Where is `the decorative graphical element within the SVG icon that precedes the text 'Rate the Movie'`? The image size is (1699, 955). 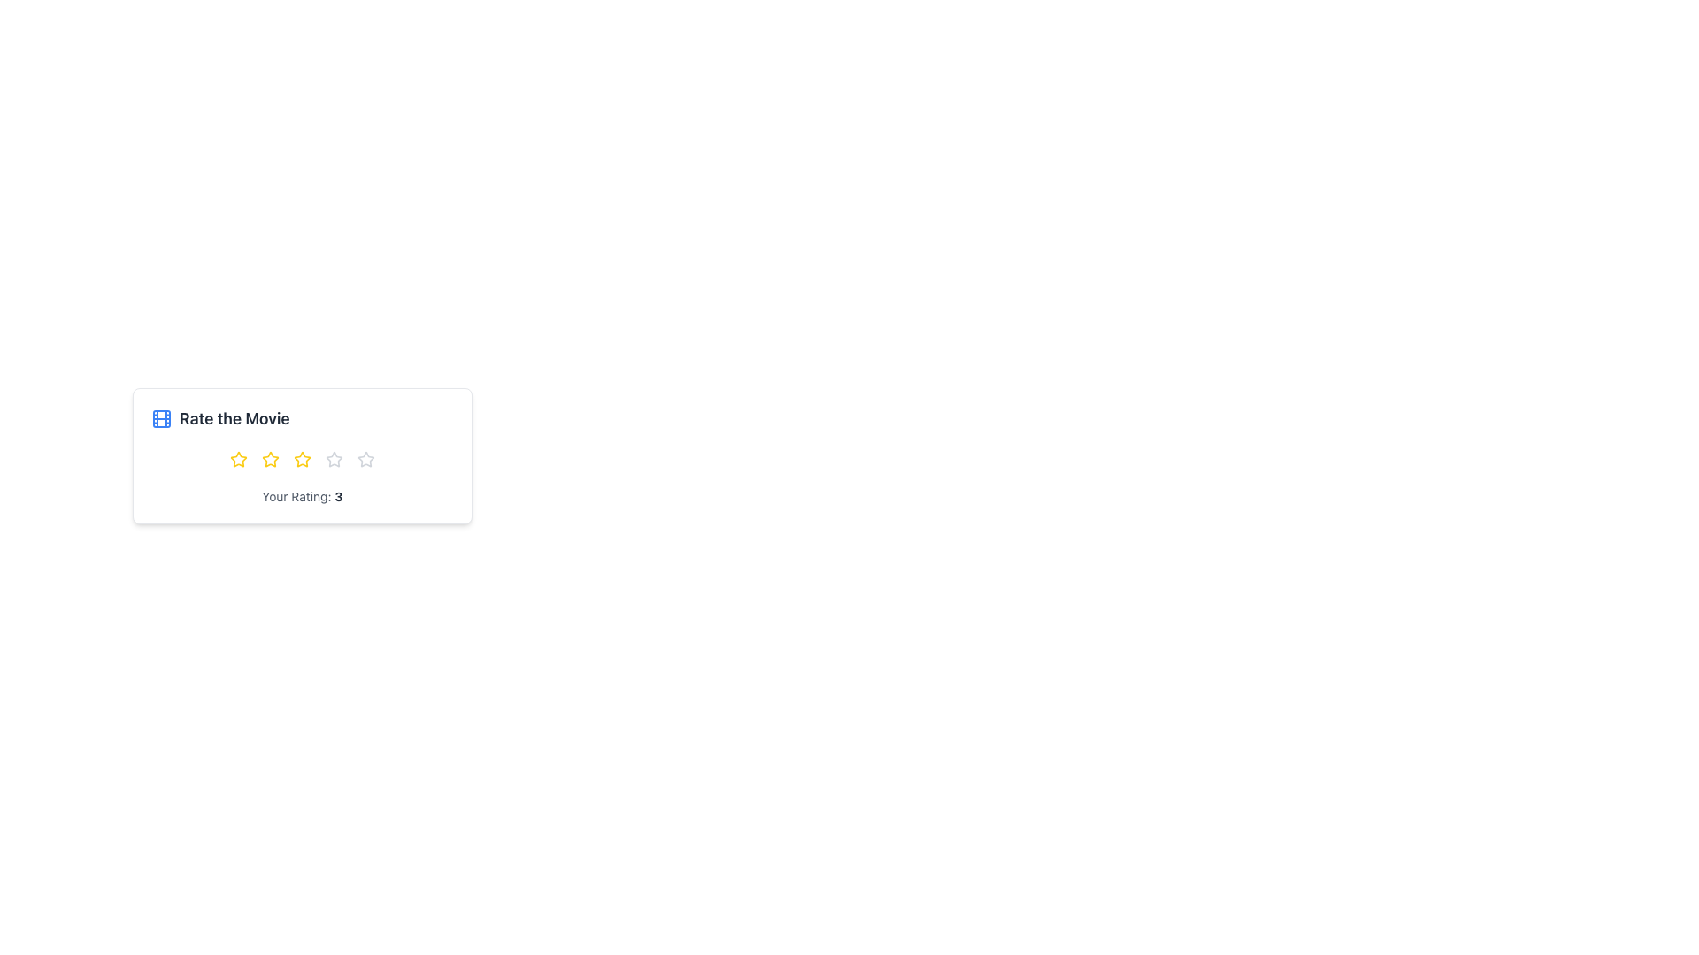 the decorative graphical element within the SVG icon that precedes the text 'Rate the Movie' is located at coordinates (161, 419).